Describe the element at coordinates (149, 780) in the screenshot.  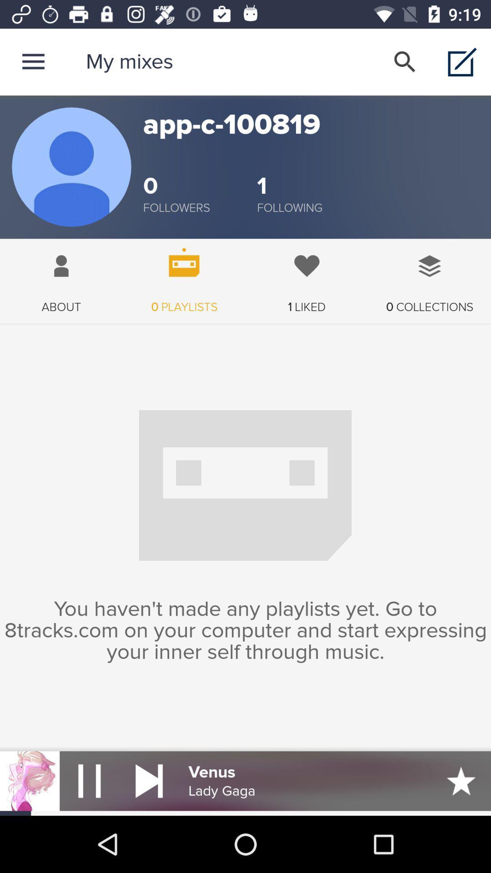
I see `the skip_next icon` at that location.